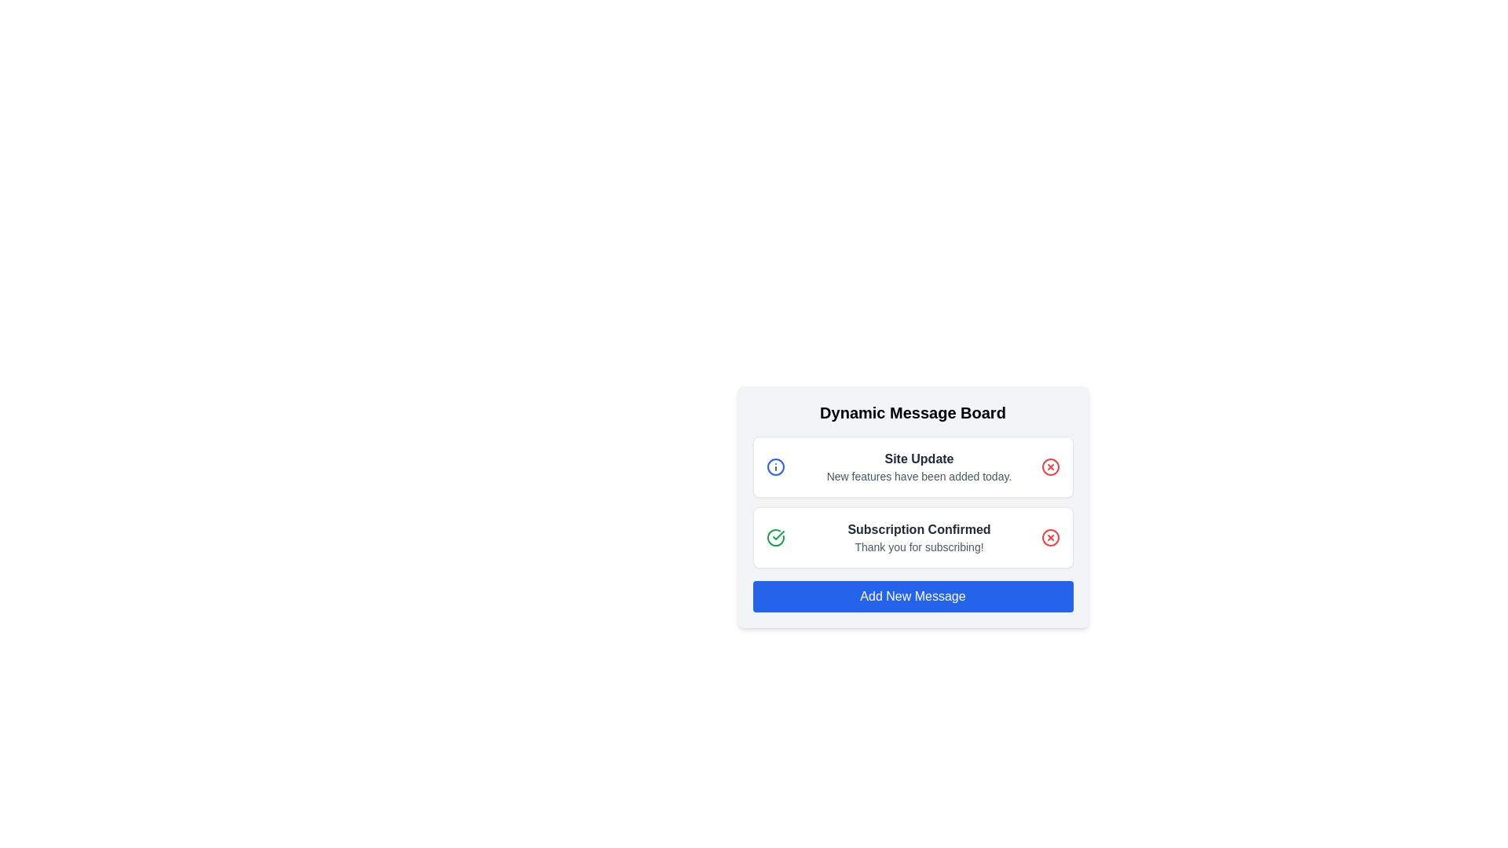 The width and height of the screenshot is (1508, 848). Describe the element at coordinates (919, 530) in the screenshot. I see `the bold, dark gray text element that displays 'Subscription Confirmed', which is located within a card-like section above a smaller text and below an 'Add New Message' button` at that location.